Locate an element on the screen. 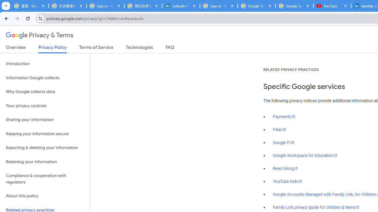 The width and height of the screenshot is (378, 212). 'Family Link privacy guide for children & teens' is located at coordinates (316, 207).